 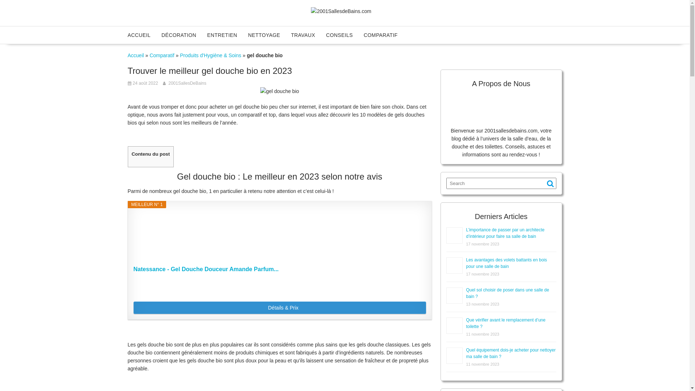 I want to click on 'Accueil', so click(x=135, y=55).